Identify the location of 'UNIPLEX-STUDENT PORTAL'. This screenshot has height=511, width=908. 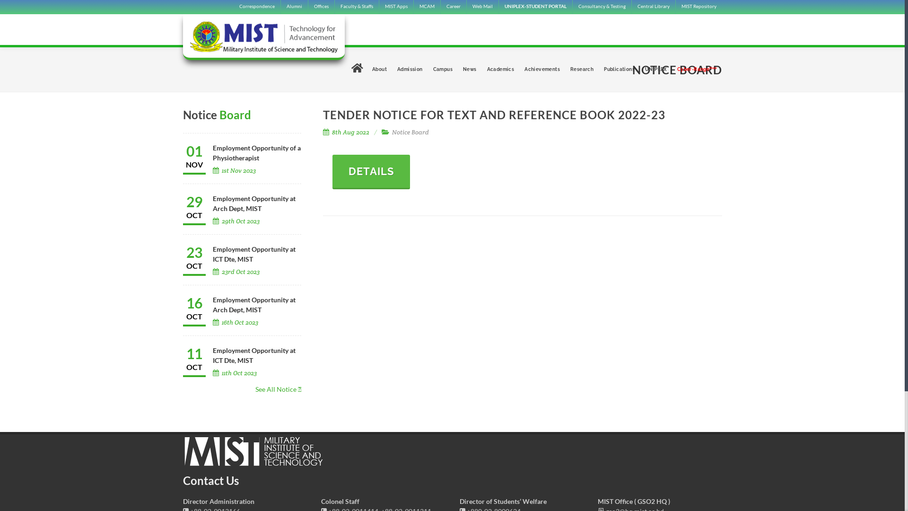
(535, 7).